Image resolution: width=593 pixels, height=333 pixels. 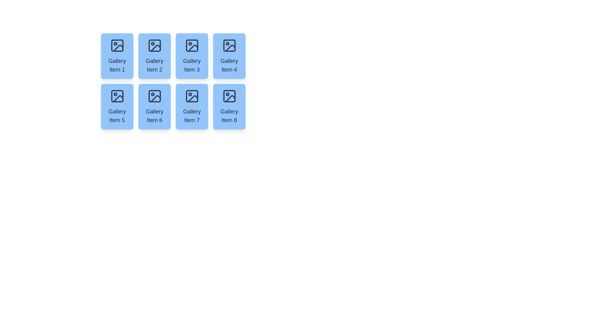 What do you see at coordinates (117, 45) in the screenshot?
I see `the Decorative Shape, which is a small rectangle with rounded corners located in the top-left corner of the landscape icon within 'Gallery Item 1'` at bounding box center [117, 45].